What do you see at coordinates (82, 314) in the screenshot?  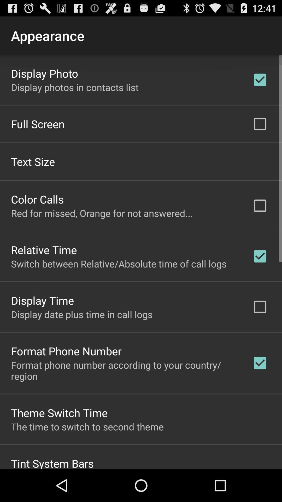 I see `the icon below display time app` at bounding box center [82, 314].